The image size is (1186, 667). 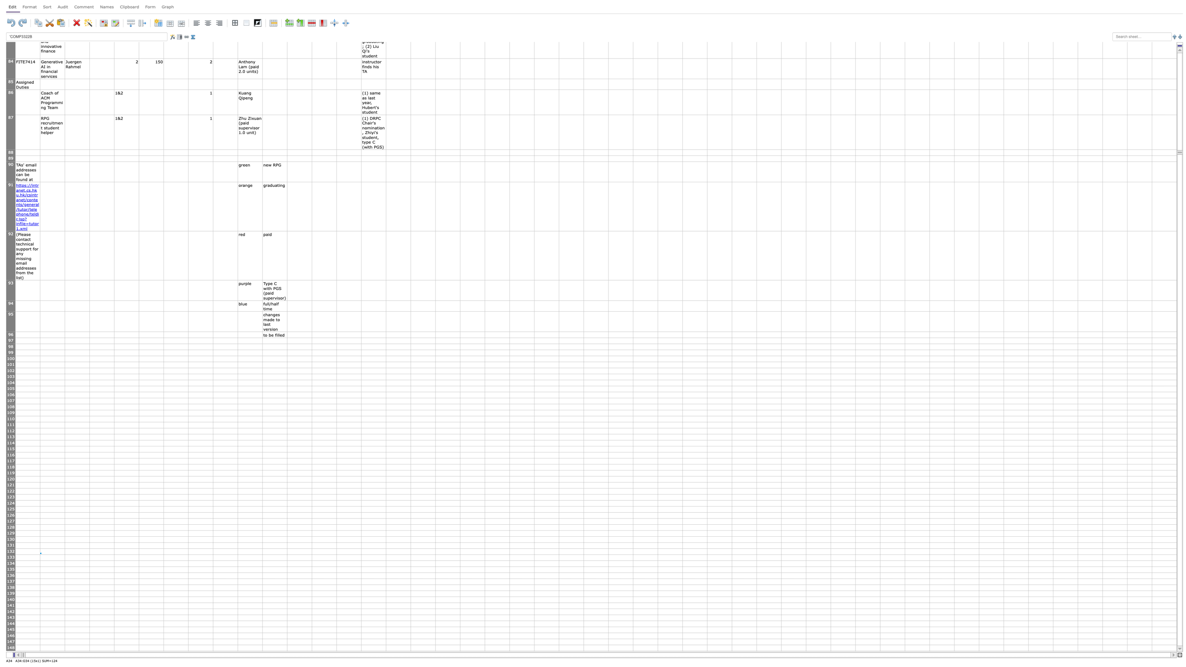 What do you see at coordinates (11, 561) in the screenshot?
I see `the resize handle of row 133` at bounding box center [11, 561].